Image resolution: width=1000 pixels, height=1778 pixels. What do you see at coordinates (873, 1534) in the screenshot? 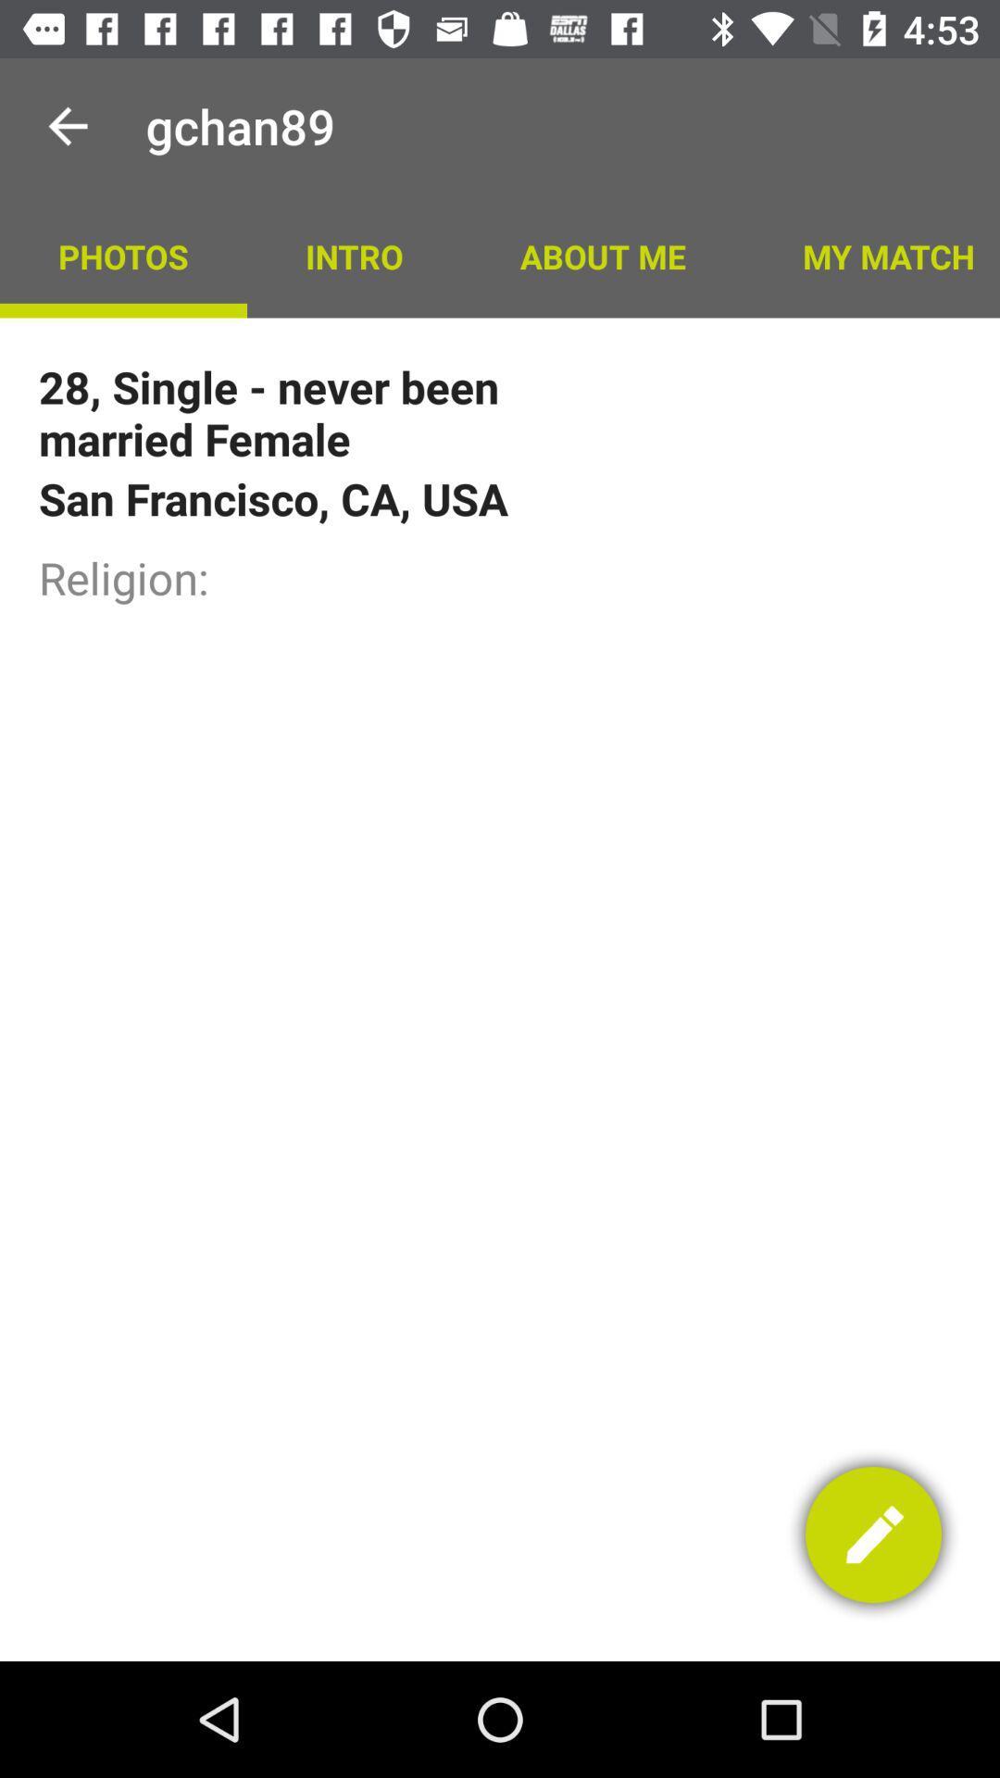
I see `the edit icon` at bounding box center [873, 1534].